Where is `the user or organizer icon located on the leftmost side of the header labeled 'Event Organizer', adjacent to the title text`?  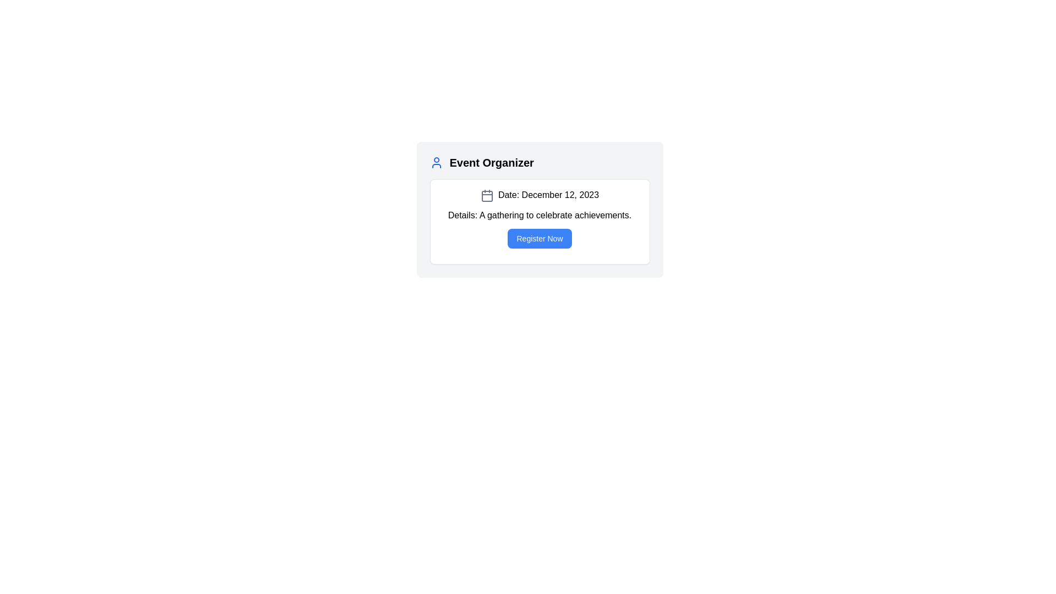 the user or organizer icon located on the leftmost side of the header labeled 'Event Organizer', adjacent to the title text is located at coordinates (436, 163).